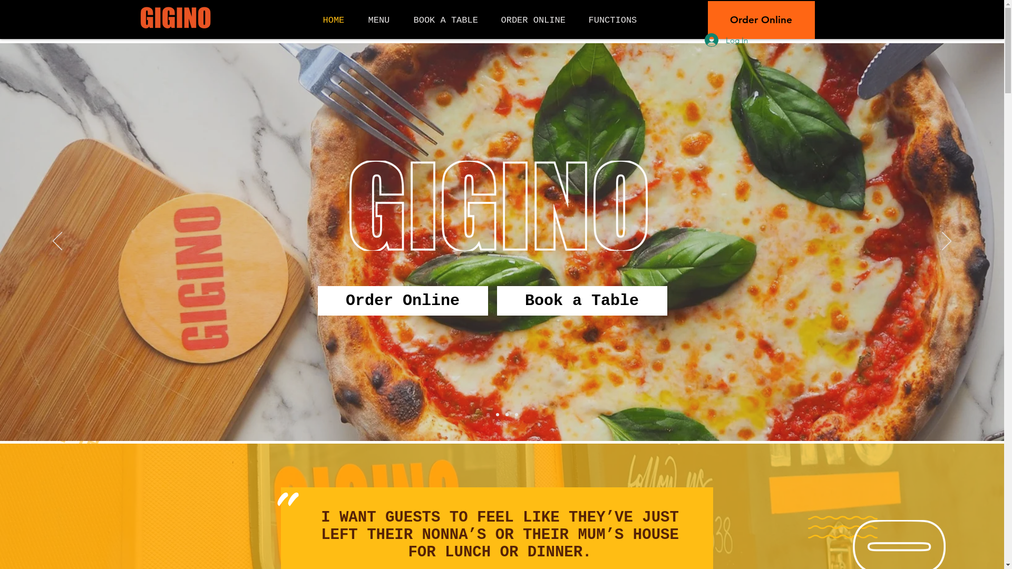 The image size is (1012, 569). What do you see at coordinates (725, 40) in the screenshot?
I see `'Log In'` at bounding box center [725, 40].